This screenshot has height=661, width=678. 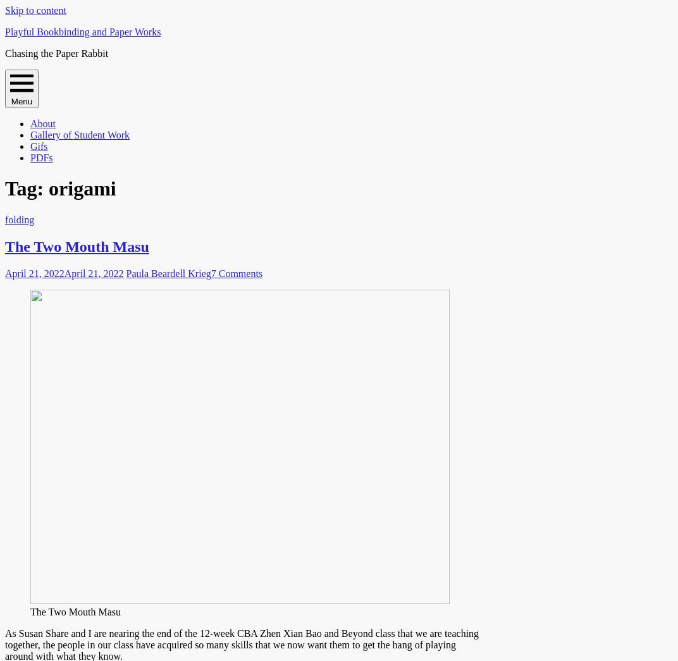 What do you see at coordinates (80, 135) in the screenshot?
I see `'Gallery of Student Work'` at bounding box center [80, 135].